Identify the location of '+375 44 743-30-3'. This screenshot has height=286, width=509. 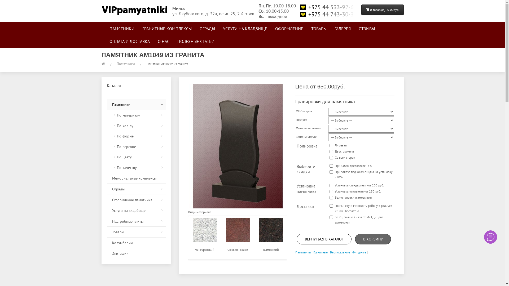
(328, 14).